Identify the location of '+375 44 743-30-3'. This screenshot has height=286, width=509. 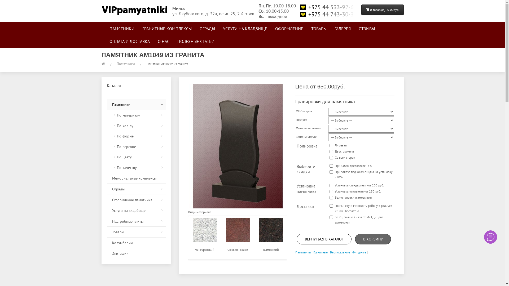
(328, 14).